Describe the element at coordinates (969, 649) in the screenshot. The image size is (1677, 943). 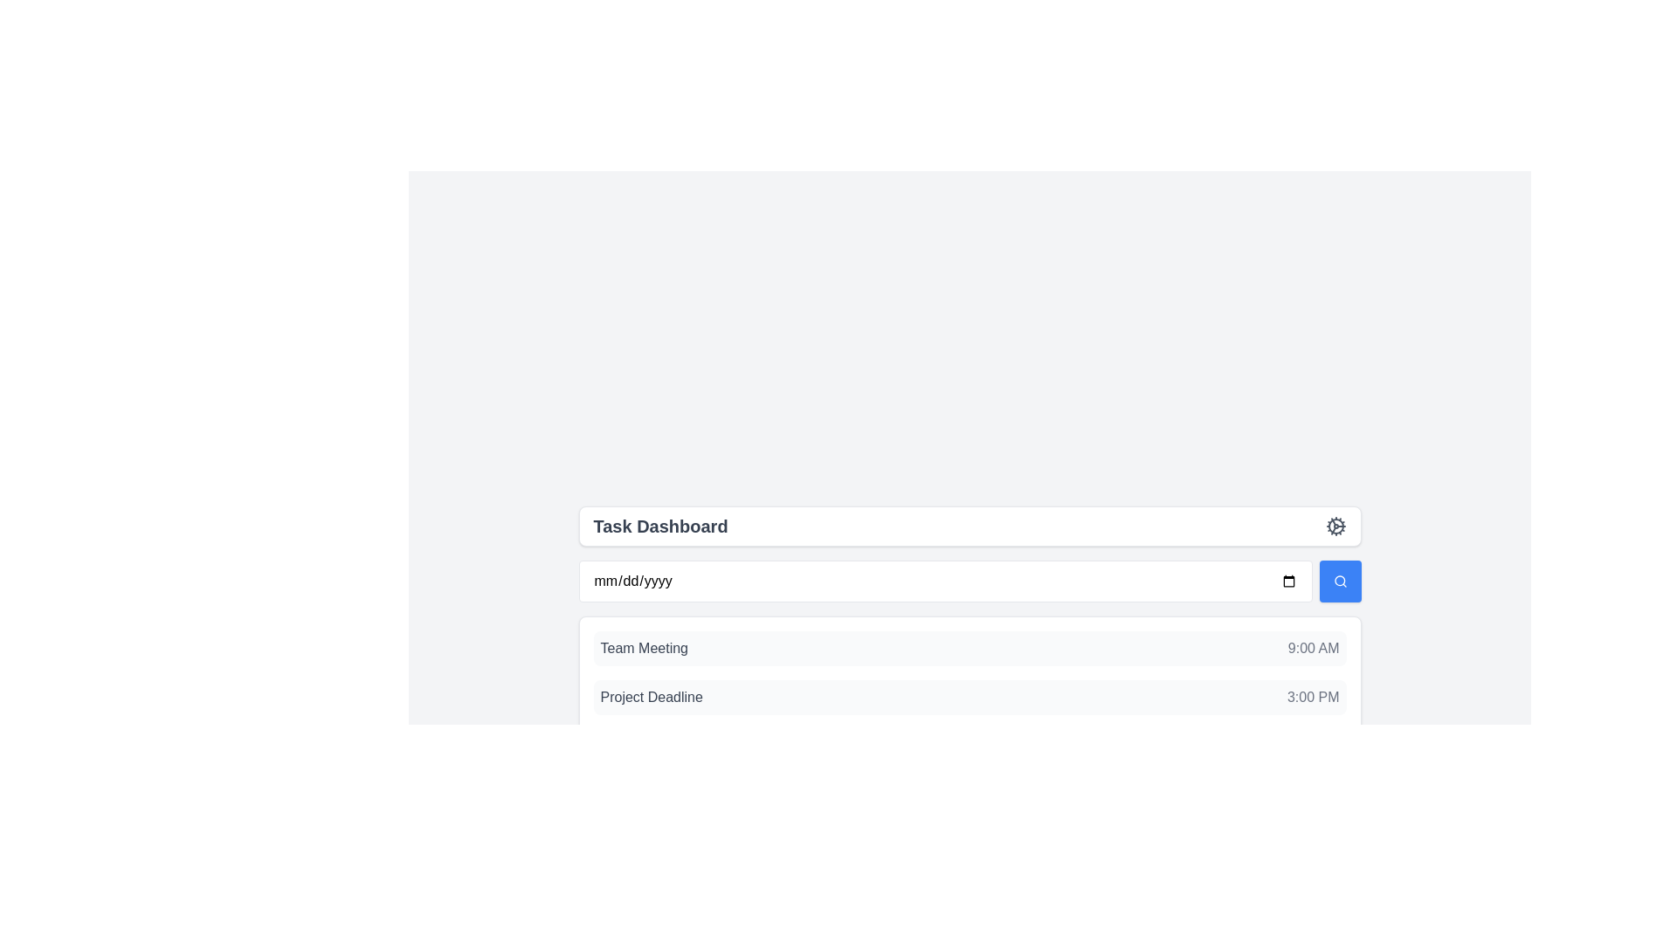
I see `the first list item or schedule entry that displays 'Team Meeting' and '9:00 AM', which is the topmost item in the vertical list` at that location.